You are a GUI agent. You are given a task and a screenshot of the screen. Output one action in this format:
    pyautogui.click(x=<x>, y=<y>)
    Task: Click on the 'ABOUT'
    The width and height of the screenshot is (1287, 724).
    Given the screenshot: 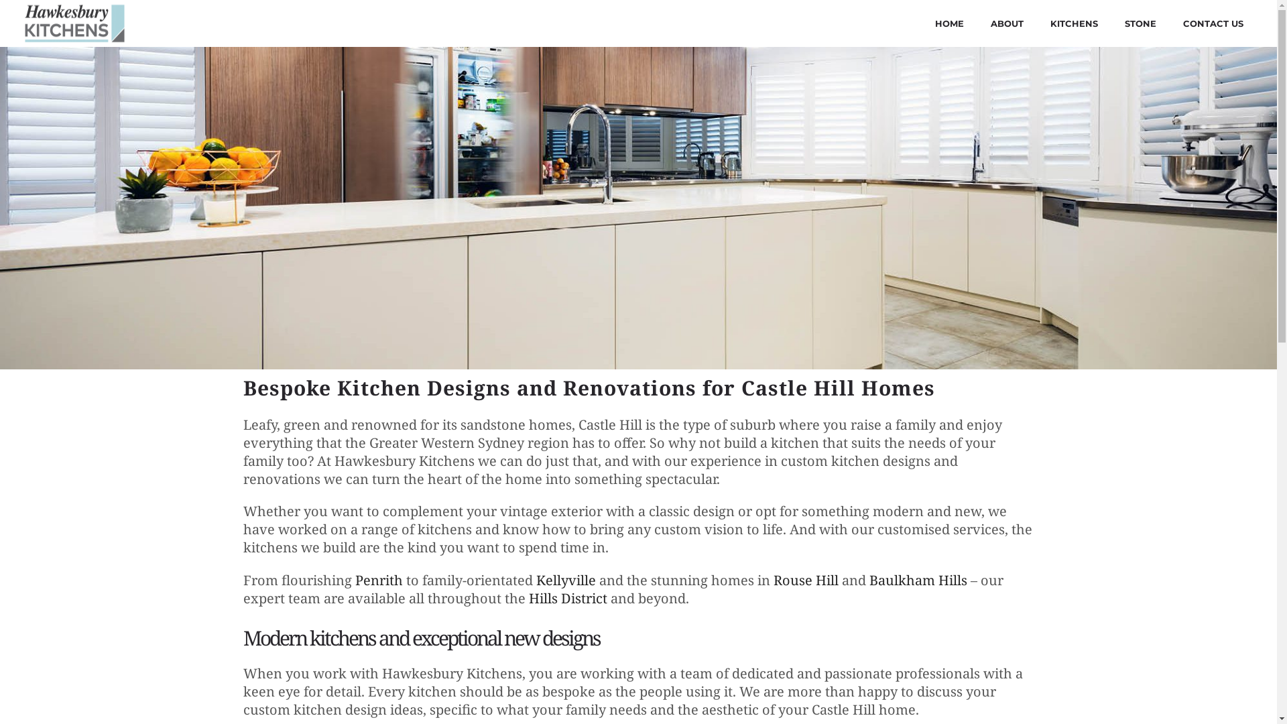 What is the action you would take?
    pyautogui.click(x=1007, y=23)
    